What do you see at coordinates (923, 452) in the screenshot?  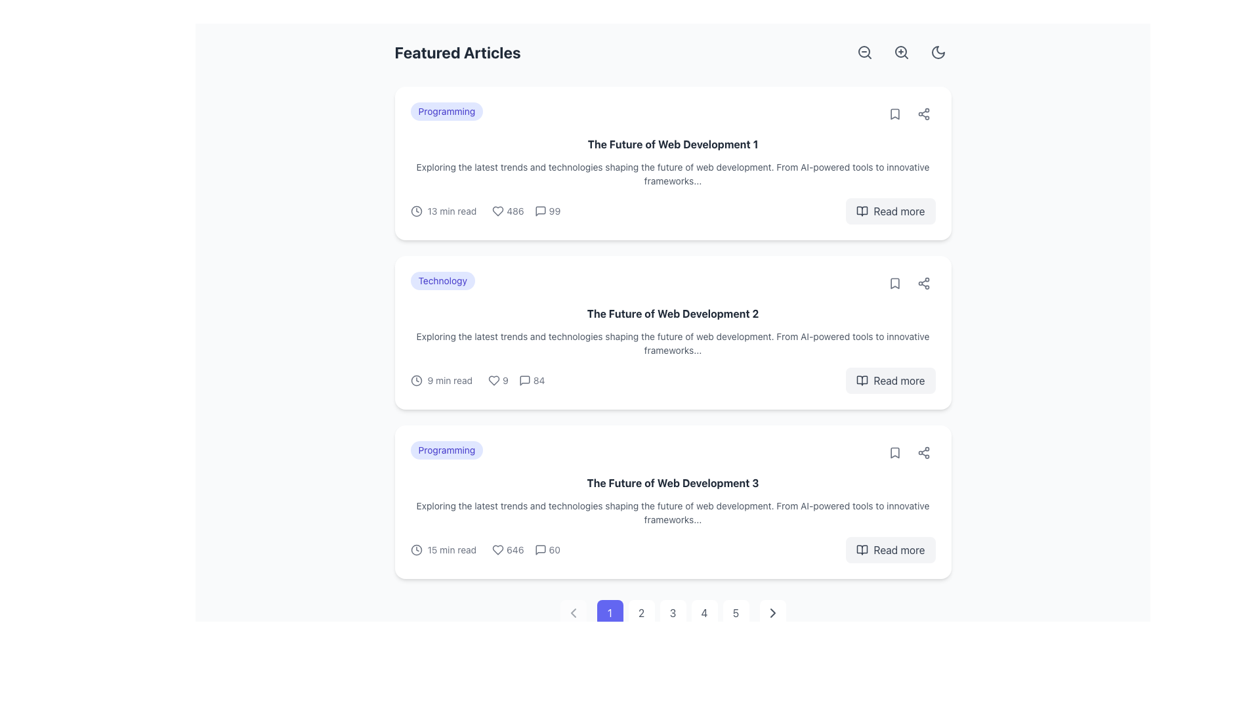 I see `the Button with an embedded share icon located in the bottom-right section of the third article card titled 'The Future of Web Development 3'` at bounding box center [923, 452].